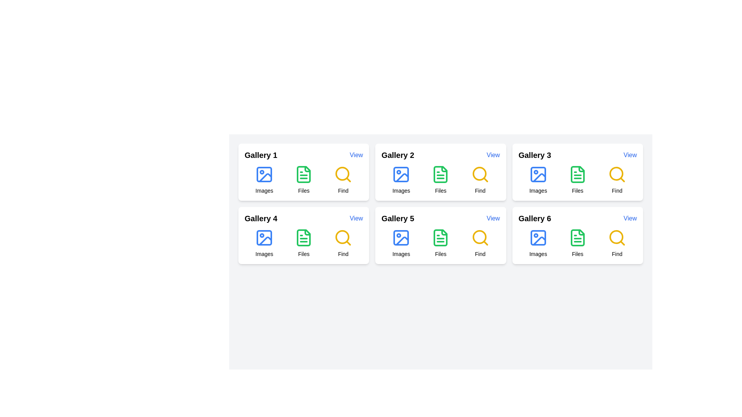  I want to click on the 'Files' icon, which is located in the top row of the grid layout, between the 'Images' icon on the left and the 'Find' icon on the right. This icon serves as a visual cue for accessing or managing files or documents, so click(303, 174).